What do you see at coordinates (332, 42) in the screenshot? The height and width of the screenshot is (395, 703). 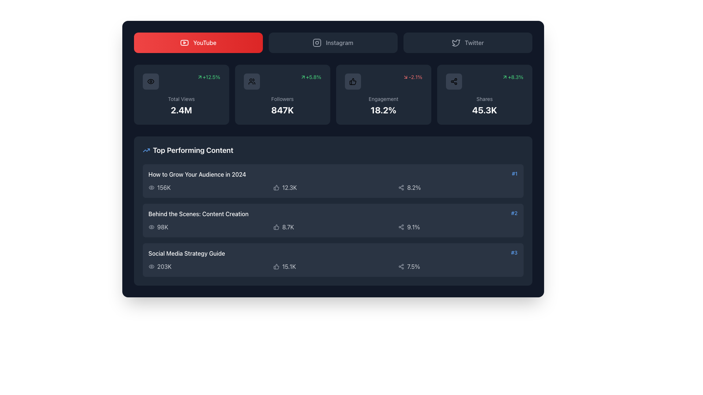 I see `the Instagram button, which features an outlined camera icon and the text 'Instagram', to observe the visual transition effect from dark to lighter gray` at bounding box center [332, 42].